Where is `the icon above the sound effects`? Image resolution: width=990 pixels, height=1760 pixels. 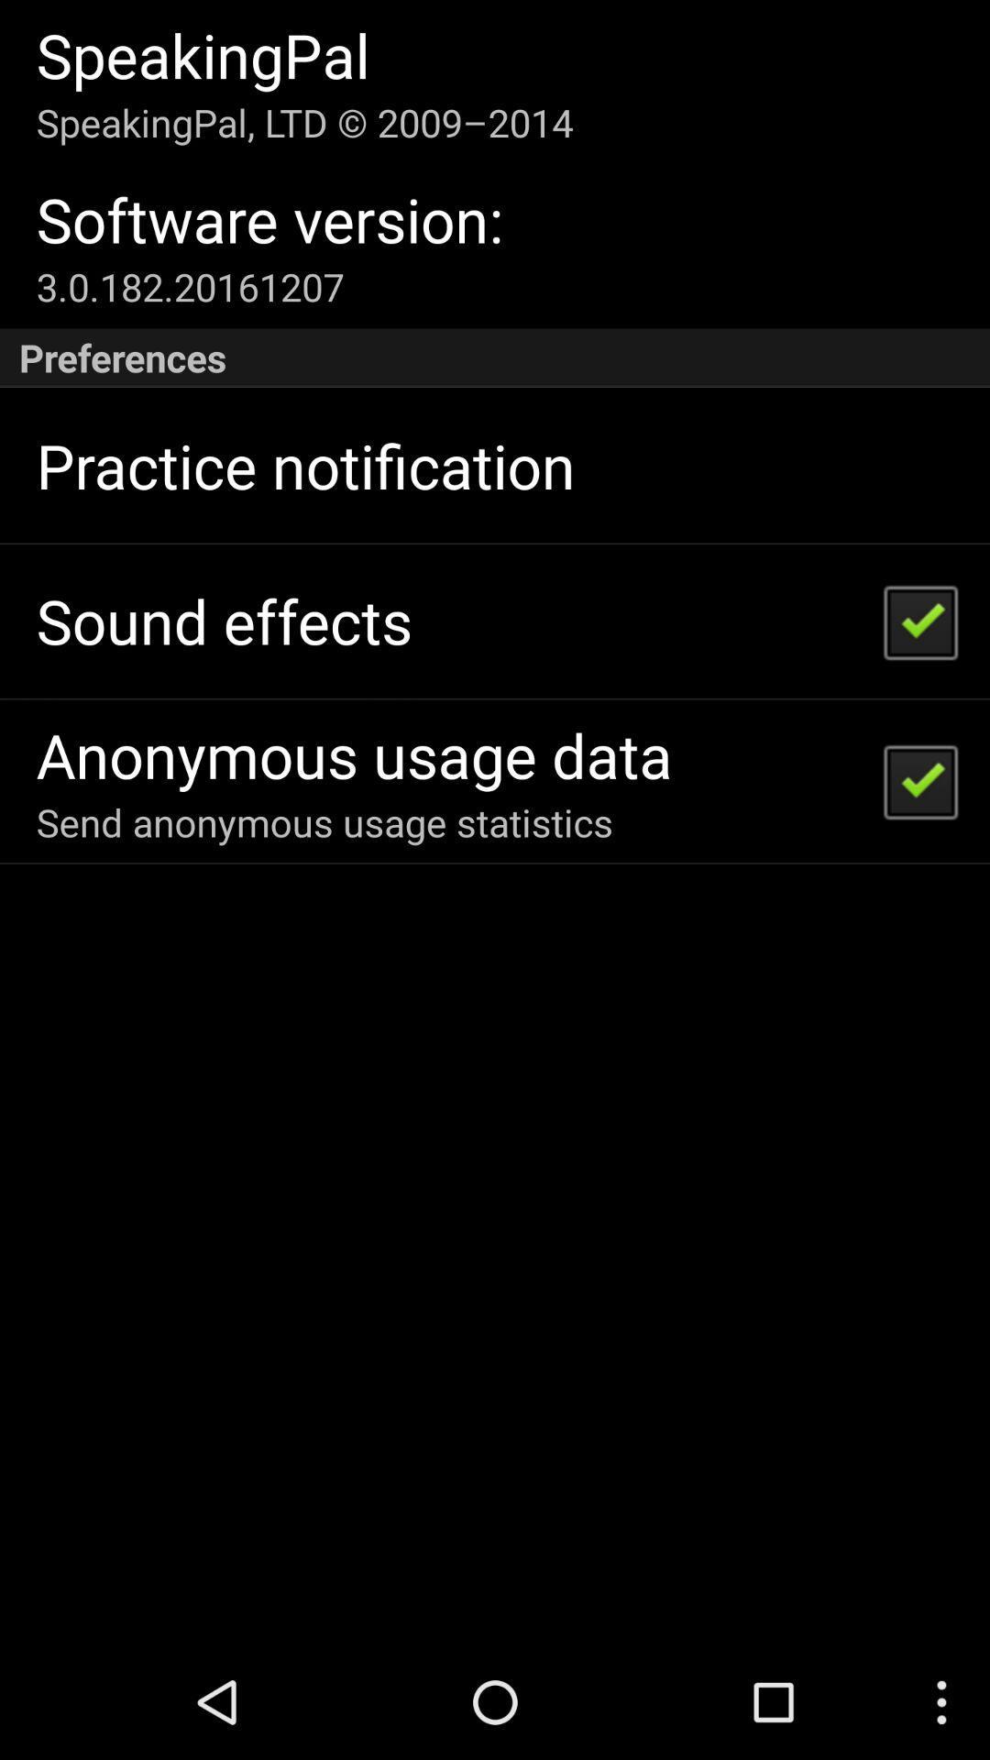
the icon above the sound effects is located at coordinates (304, 466).